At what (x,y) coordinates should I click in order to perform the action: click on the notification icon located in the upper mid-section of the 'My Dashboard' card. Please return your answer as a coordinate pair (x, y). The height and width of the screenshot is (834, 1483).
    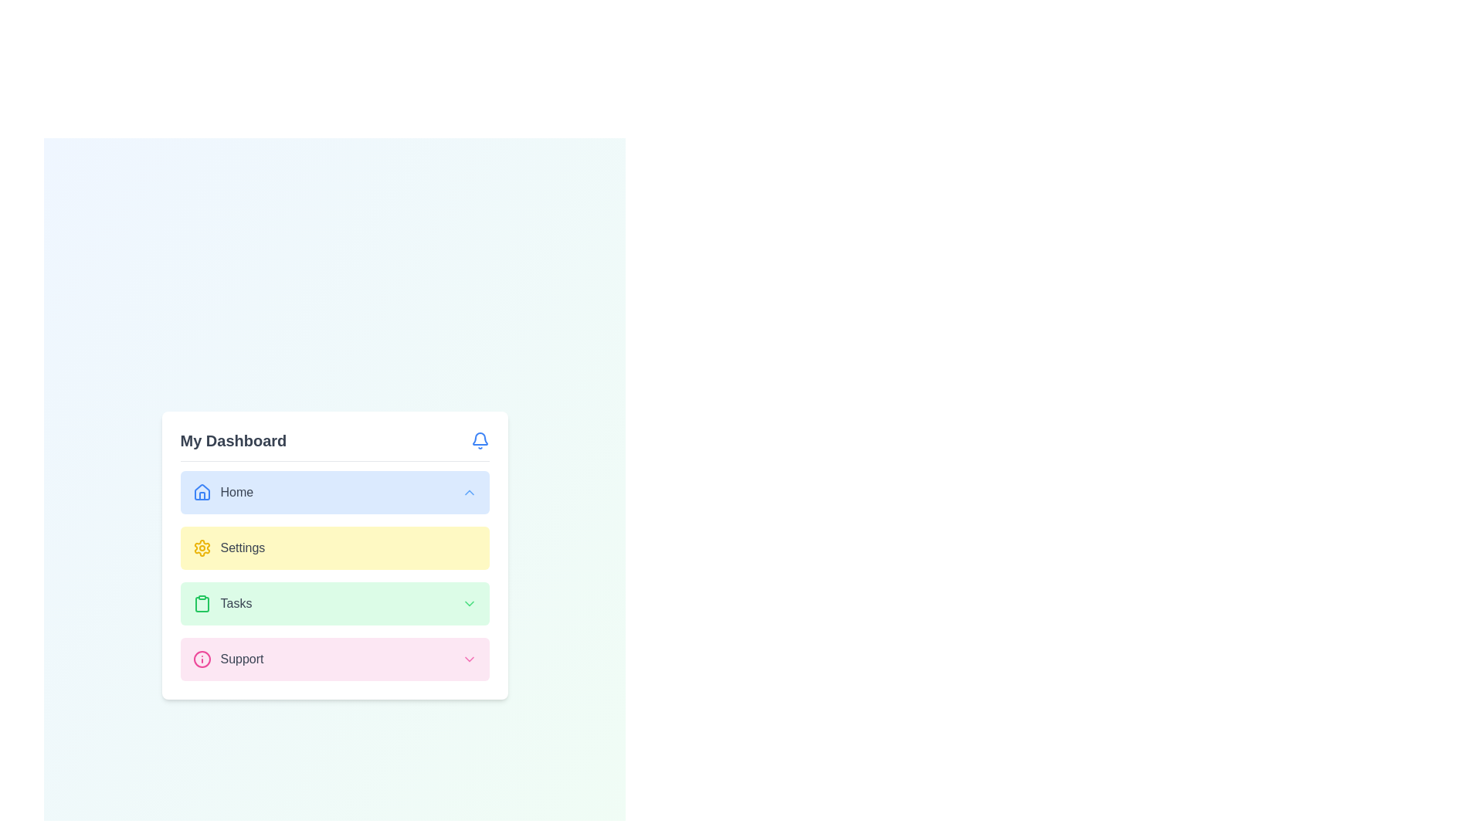
    Looking at the image, I should click on (479, 438).